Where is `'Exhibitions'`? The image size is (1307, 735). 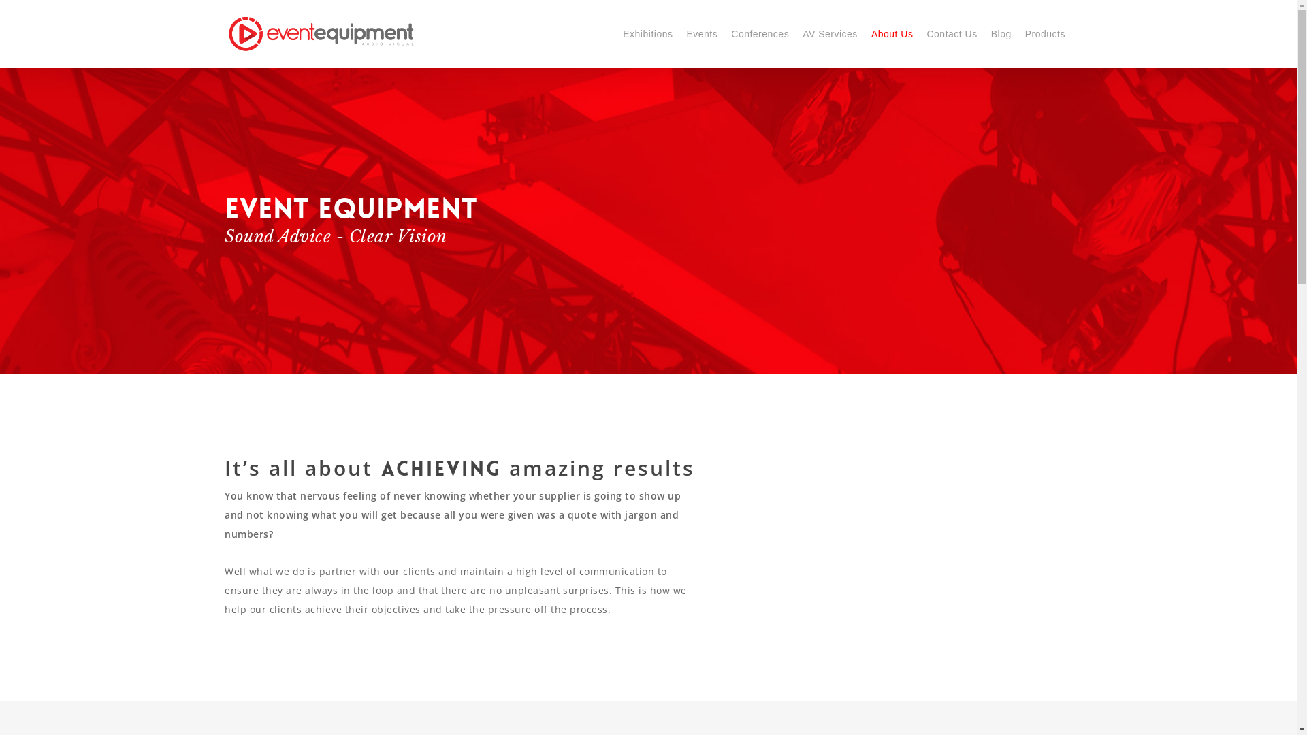 'Exhibitions' is located at coordinates (647, 33).